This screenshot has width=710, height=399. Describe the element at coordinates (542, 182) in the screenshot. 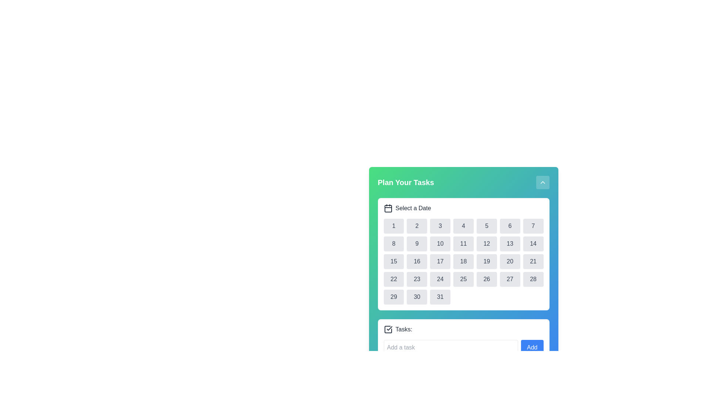

I see `the button located at the top-right corner of the 'Plan Your Tasks' header` at that location.